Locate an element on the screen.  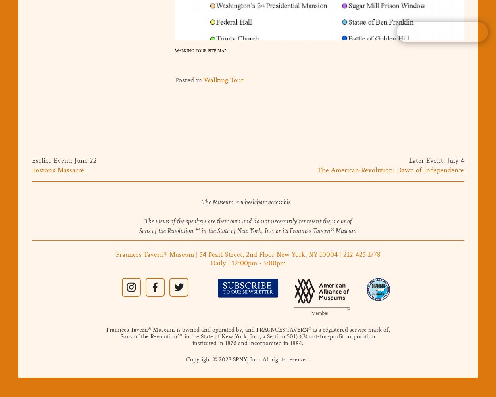
'Walking Tour Site Map' is located at coordinates (201, 50).